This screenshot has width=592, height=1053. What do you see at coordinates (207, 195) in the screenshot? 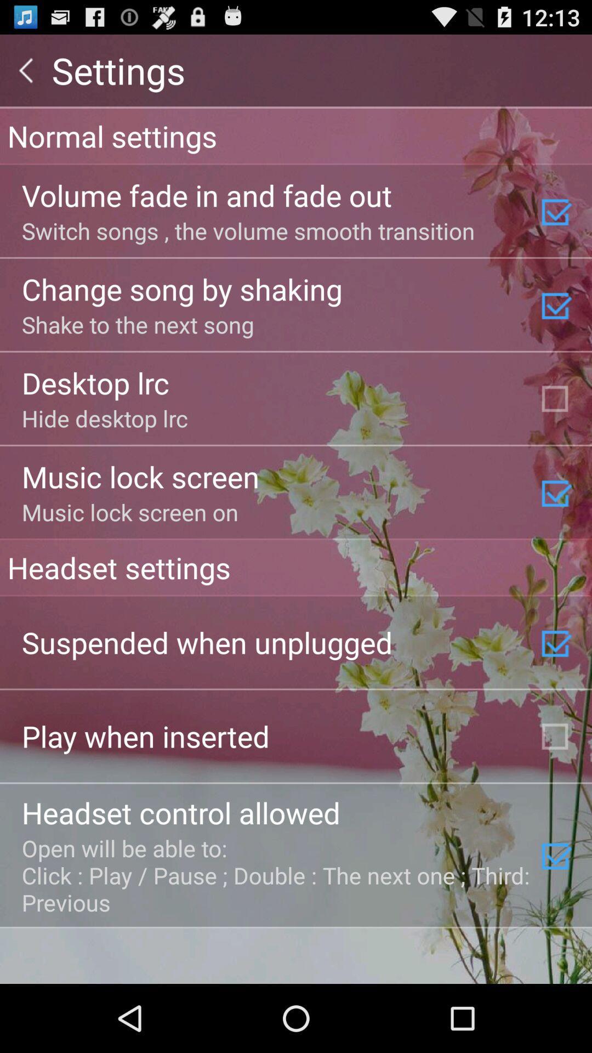
I see `the app below the normal settings icon` at bounding box center [207, 195].